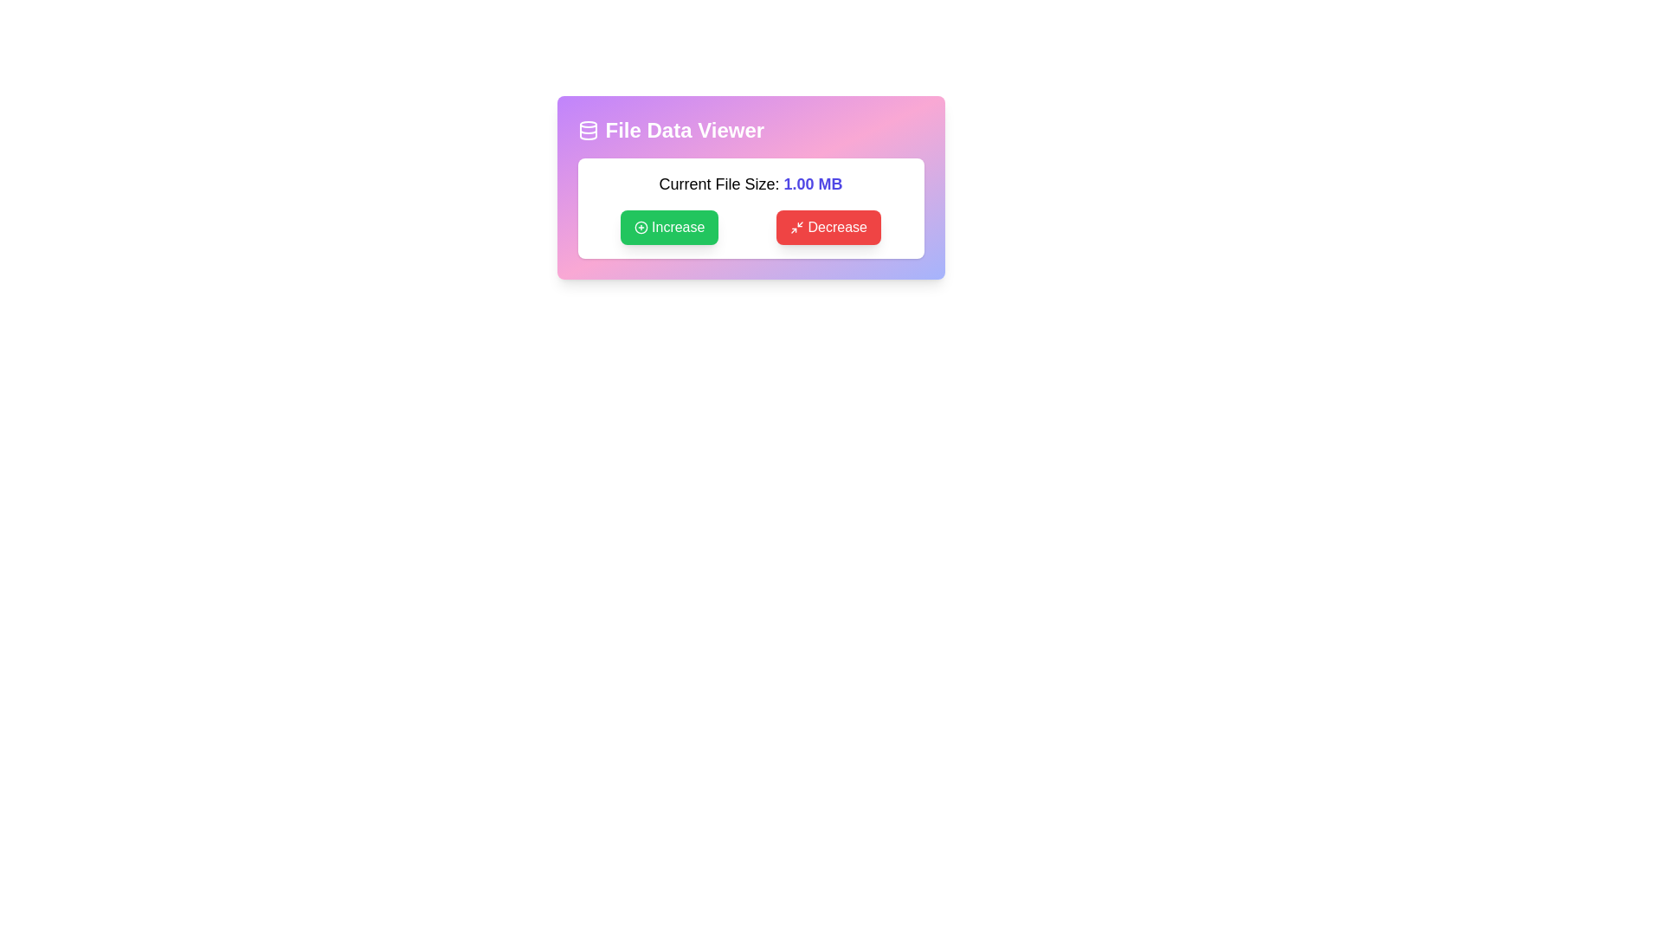  What do you see at coordinates (588, 129) in the screenshot?
I see `the database icon, which is represented by a circular top and two connecting curved lines, located to the left of the text 'File Data Viewer'` at bounding box center [588, 129].